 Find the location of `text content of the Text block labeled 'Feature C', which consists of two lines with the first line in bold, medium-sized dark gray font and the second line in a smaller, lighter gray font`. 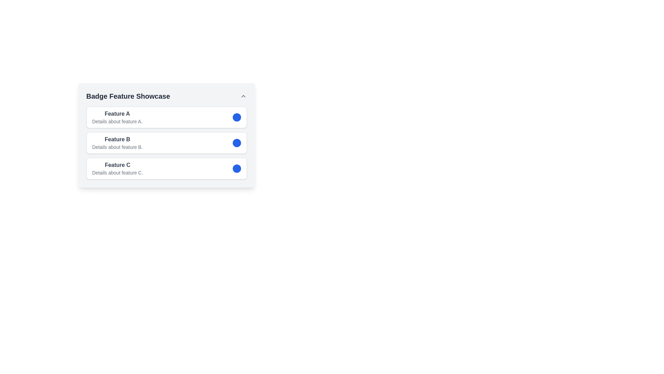

text content of the Text block labeled 'Feature C', which consists of two lines with the first line in bold, medium-sized dark gray font and the second line in a smaller, lighter gray font is located at coordinates (118, 168).